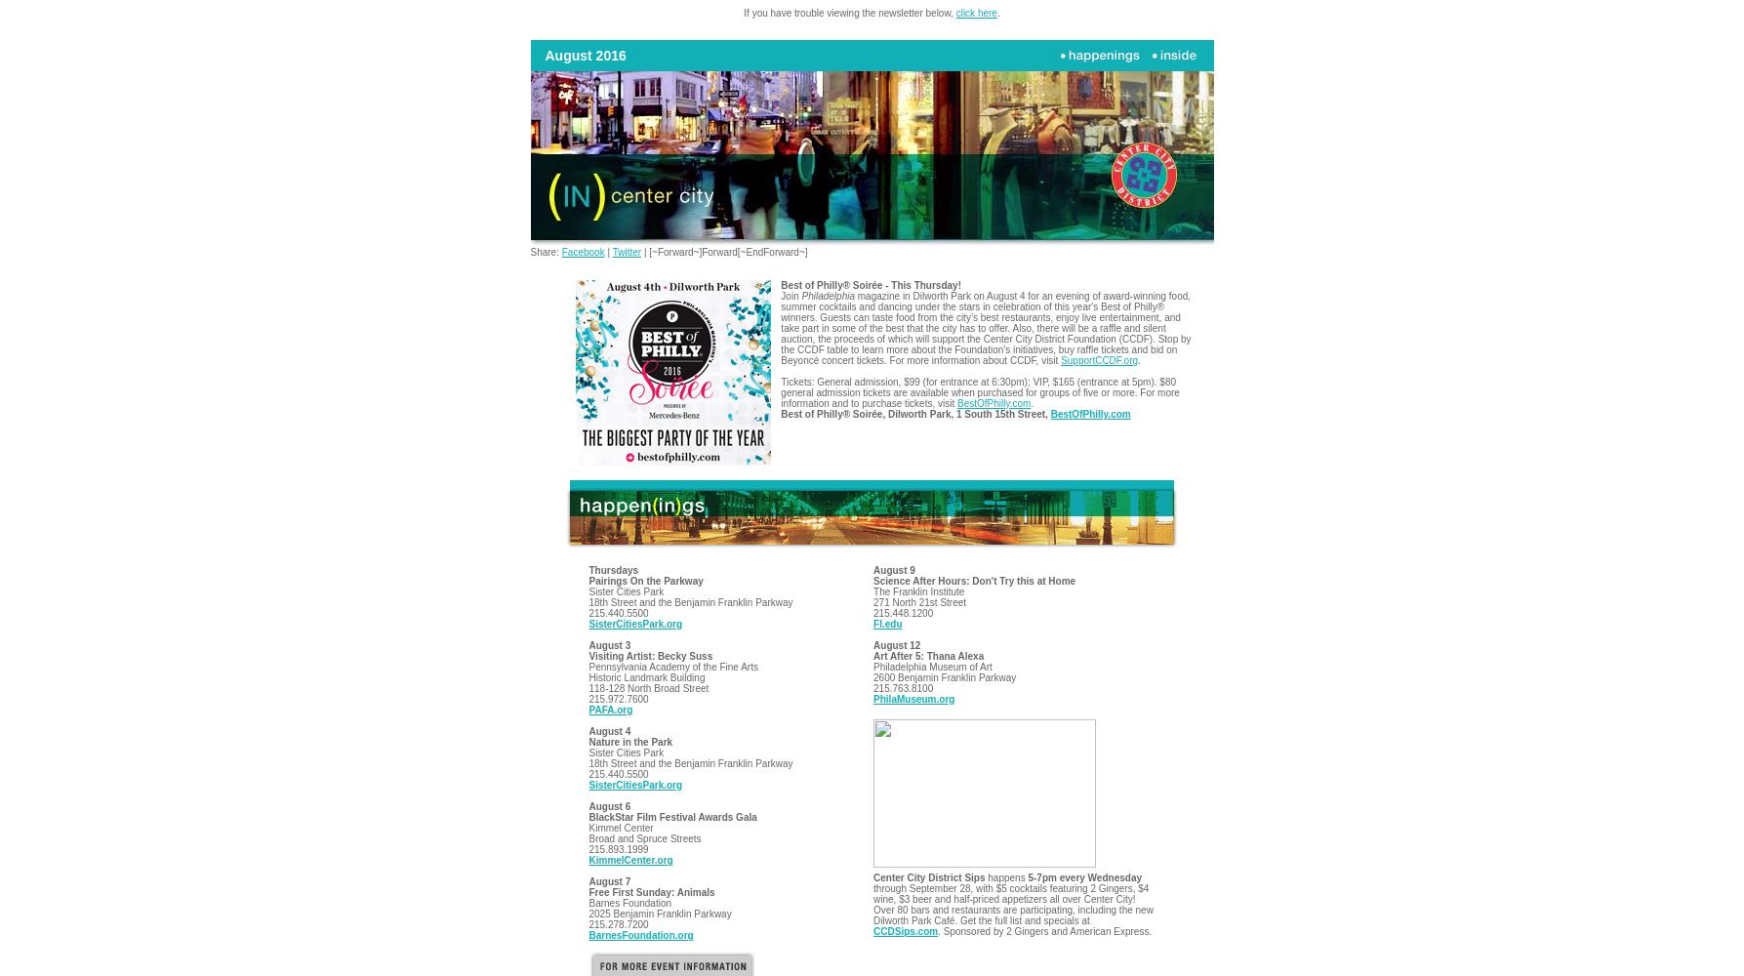  I want to click on 'Historic Landmark Building', so click(645, 676).